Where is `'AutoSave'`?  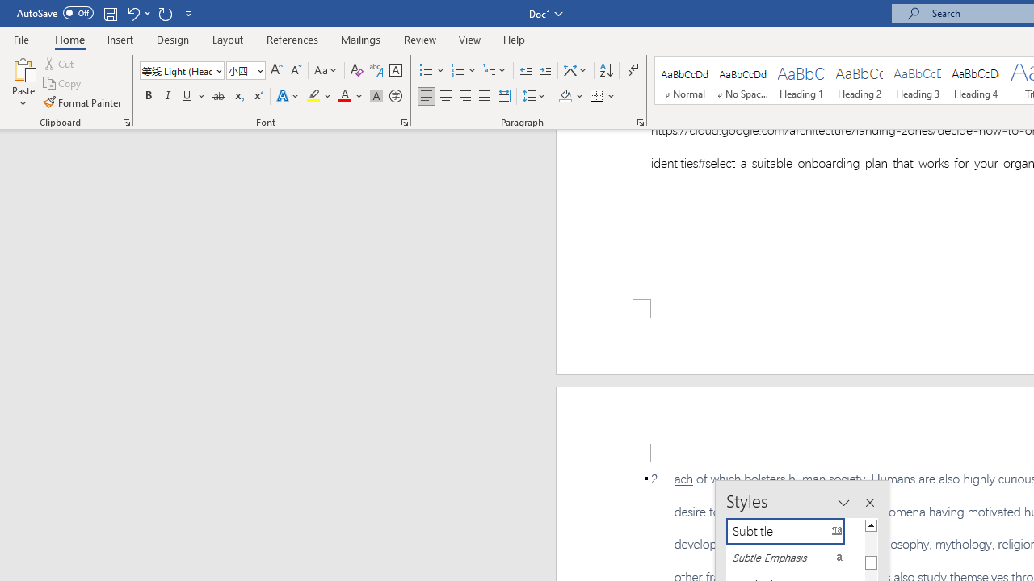 'AutoSave' is located at coordinates (55, 13).